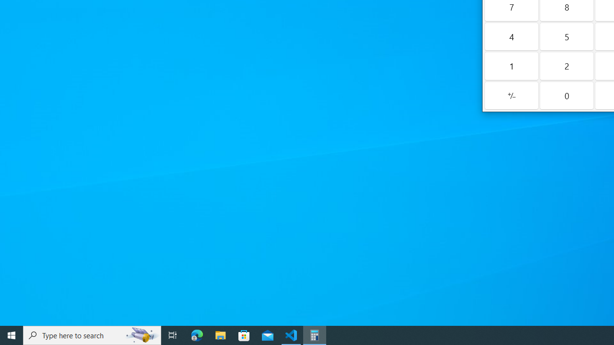 This screenshot has height=345, width=614. I want to click on 'Zero', so click(567, 95).